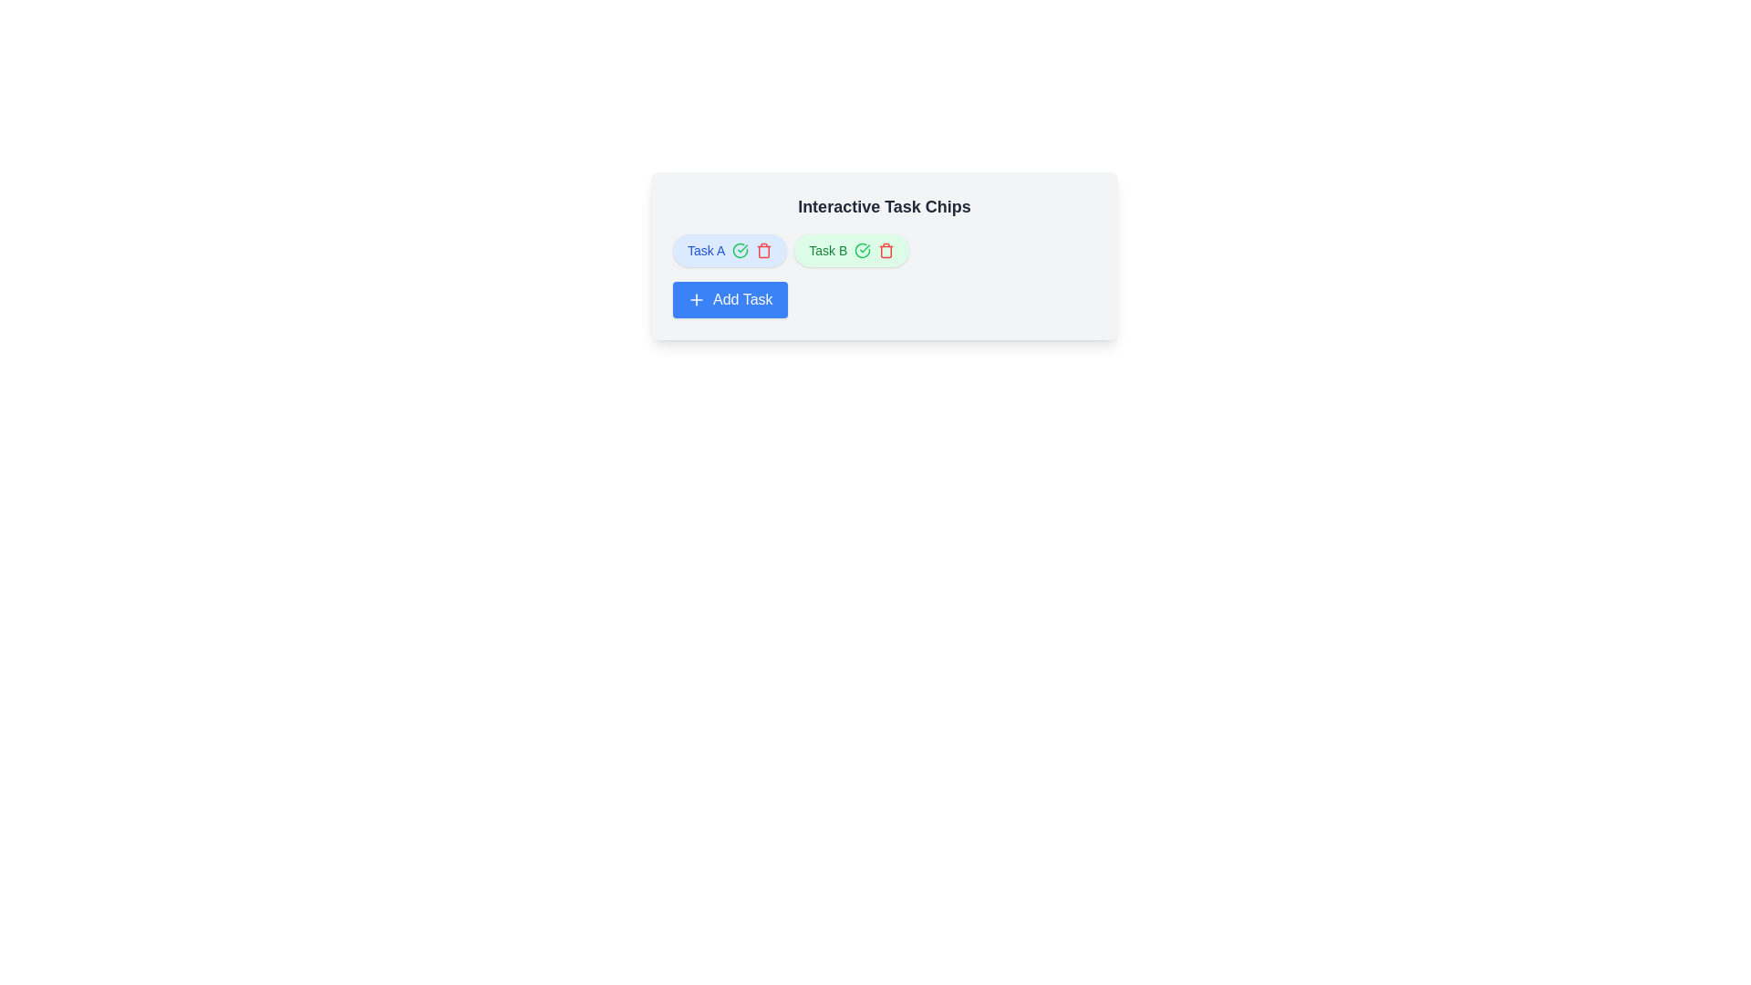 The width and height of the screenshot is (1751, 985). Describe the element at coordinates (851, 250) in the screenshot. I see `the second chip in the horizontal list of task chips, which is styled with a green rounded background and contains the text 'Task B' and action icons` at that location.